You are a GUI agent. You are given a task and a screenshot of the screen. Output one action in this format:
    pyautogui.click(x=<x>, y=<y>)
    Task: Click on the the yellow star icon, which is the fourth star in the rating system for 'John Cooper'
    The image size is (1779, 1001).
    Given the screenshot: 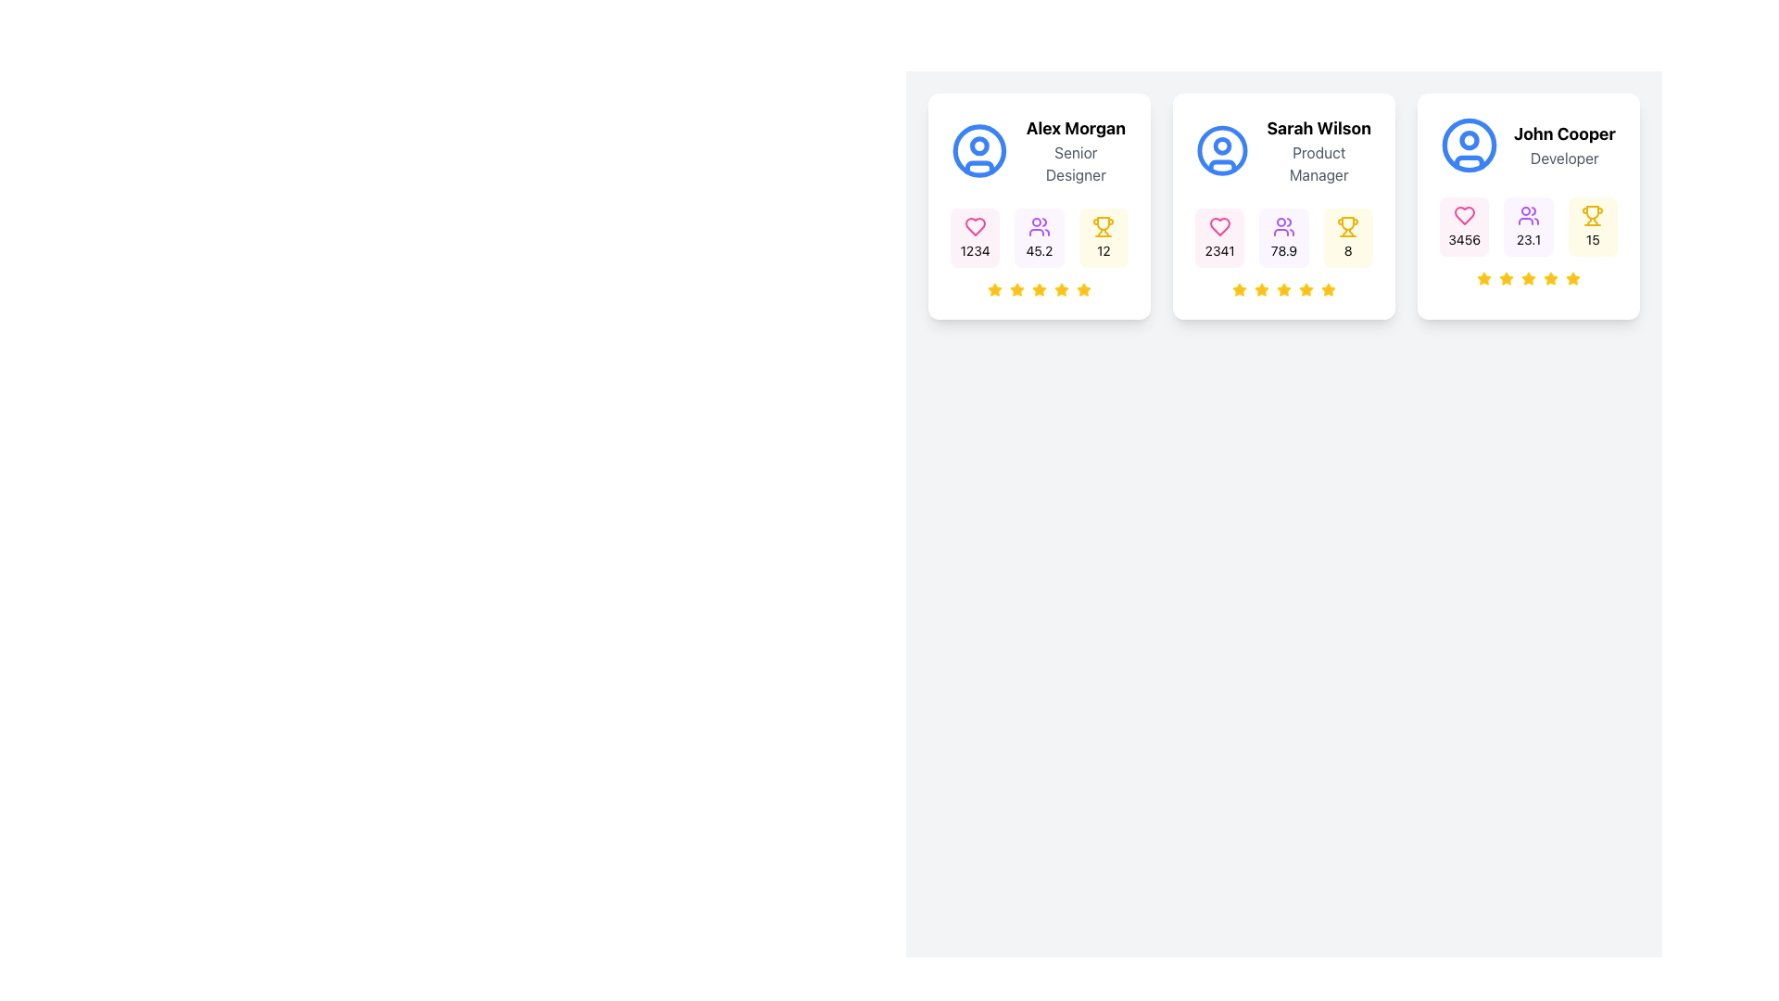 What is the action you would take?
    pyautogui.click(x=1529, y=278)
    